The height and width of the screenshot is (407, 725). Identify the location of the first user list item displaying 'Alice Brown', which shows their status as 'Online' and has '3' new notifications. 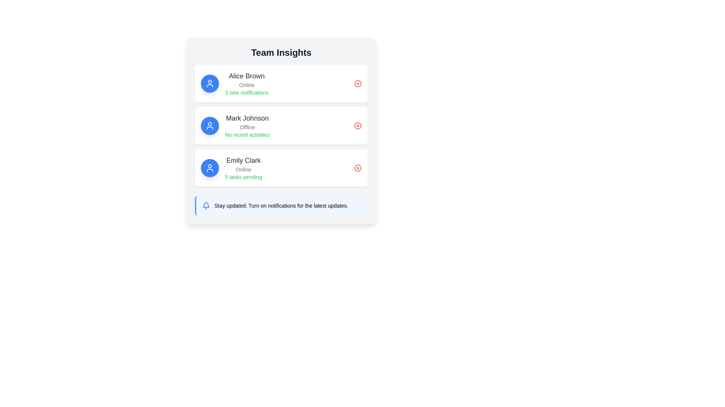
(234, 84).